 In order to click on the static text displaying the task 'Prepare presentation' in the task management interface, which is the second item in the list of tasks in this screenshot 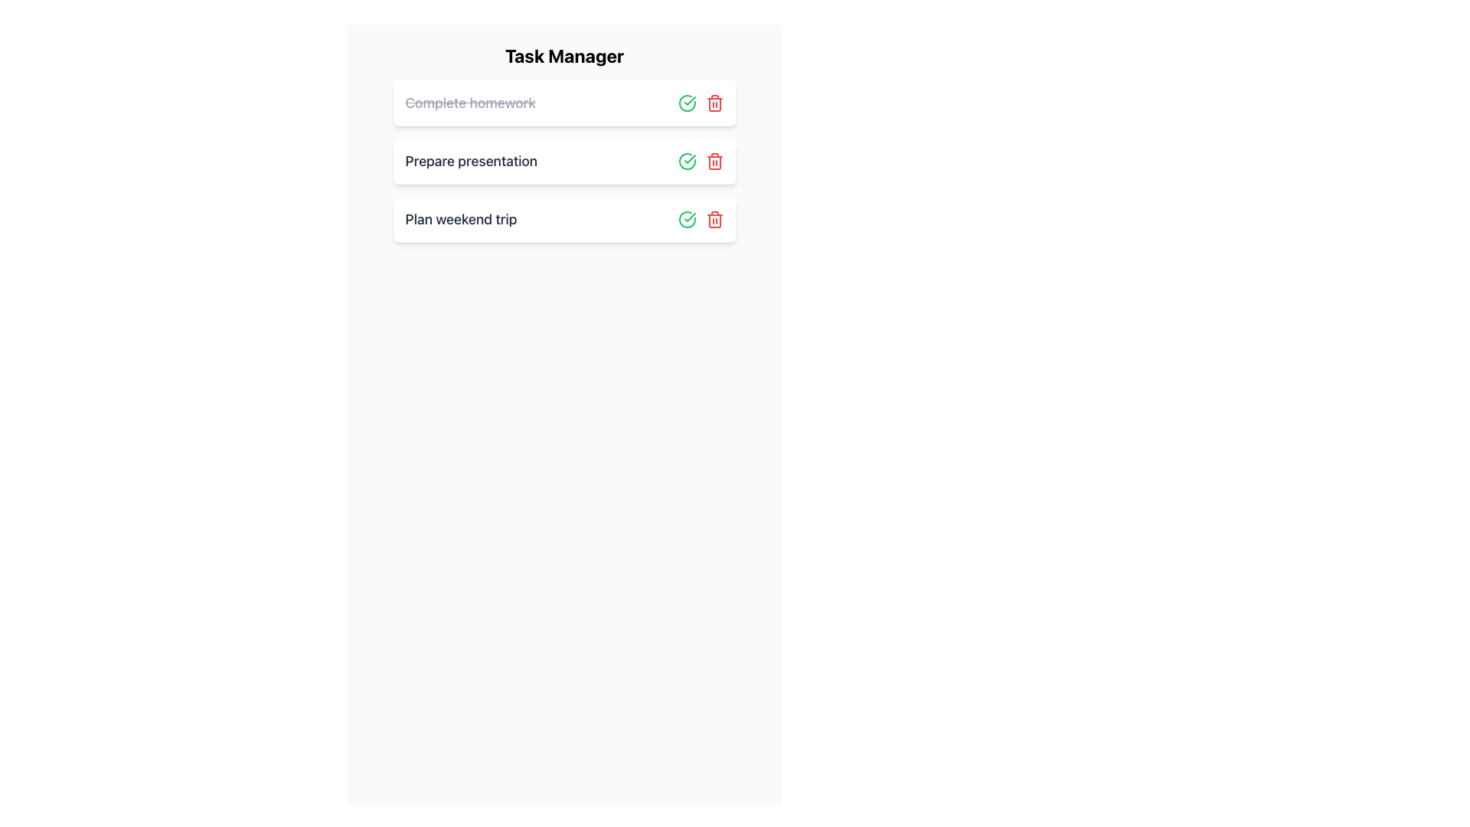, I will do `click(470, 161)`.